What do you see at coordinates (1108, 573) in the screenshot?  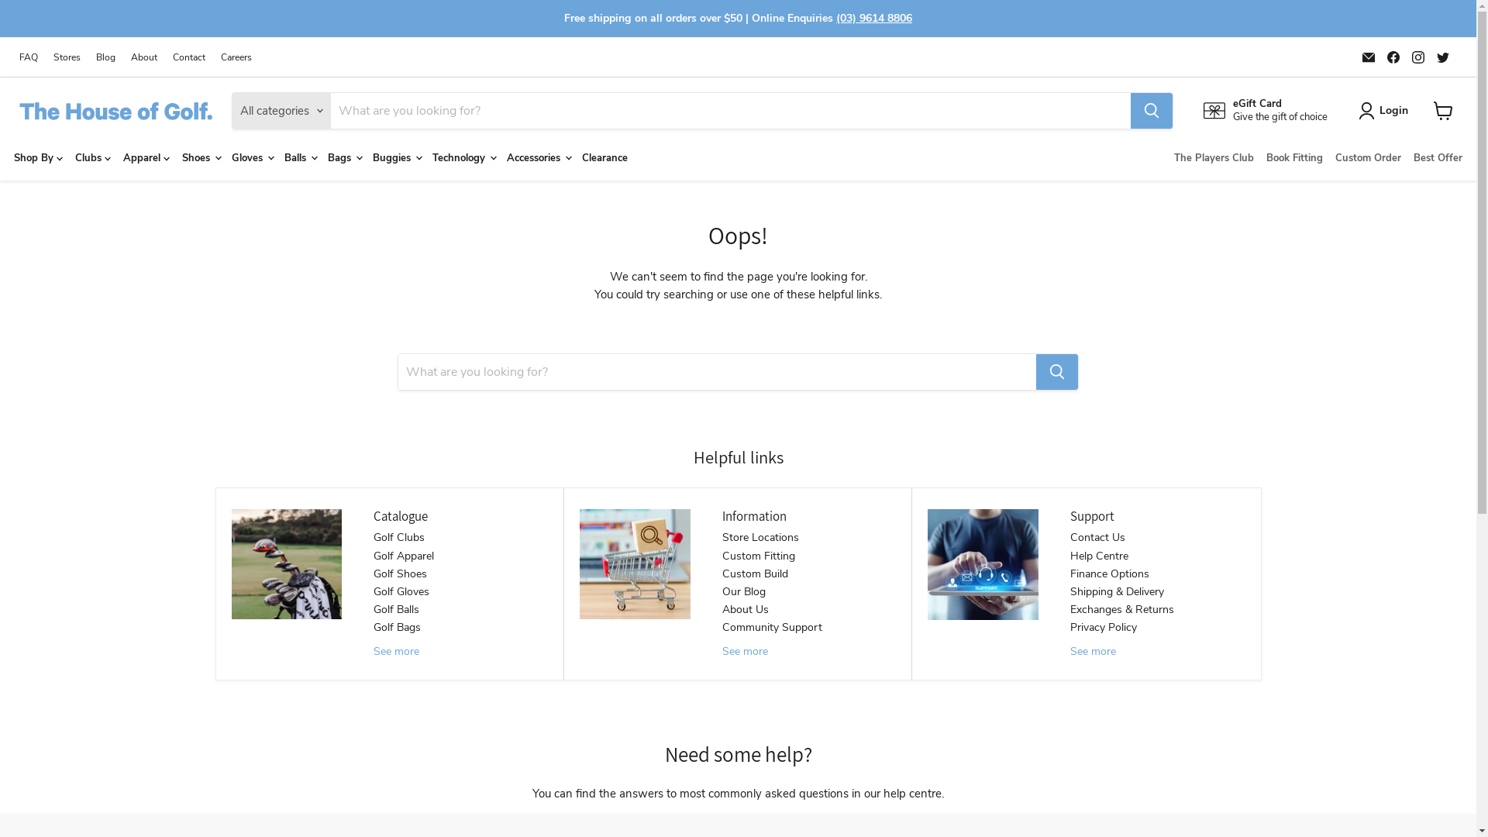 I see `'Finance Options'` at bounding box center [1108, 573].